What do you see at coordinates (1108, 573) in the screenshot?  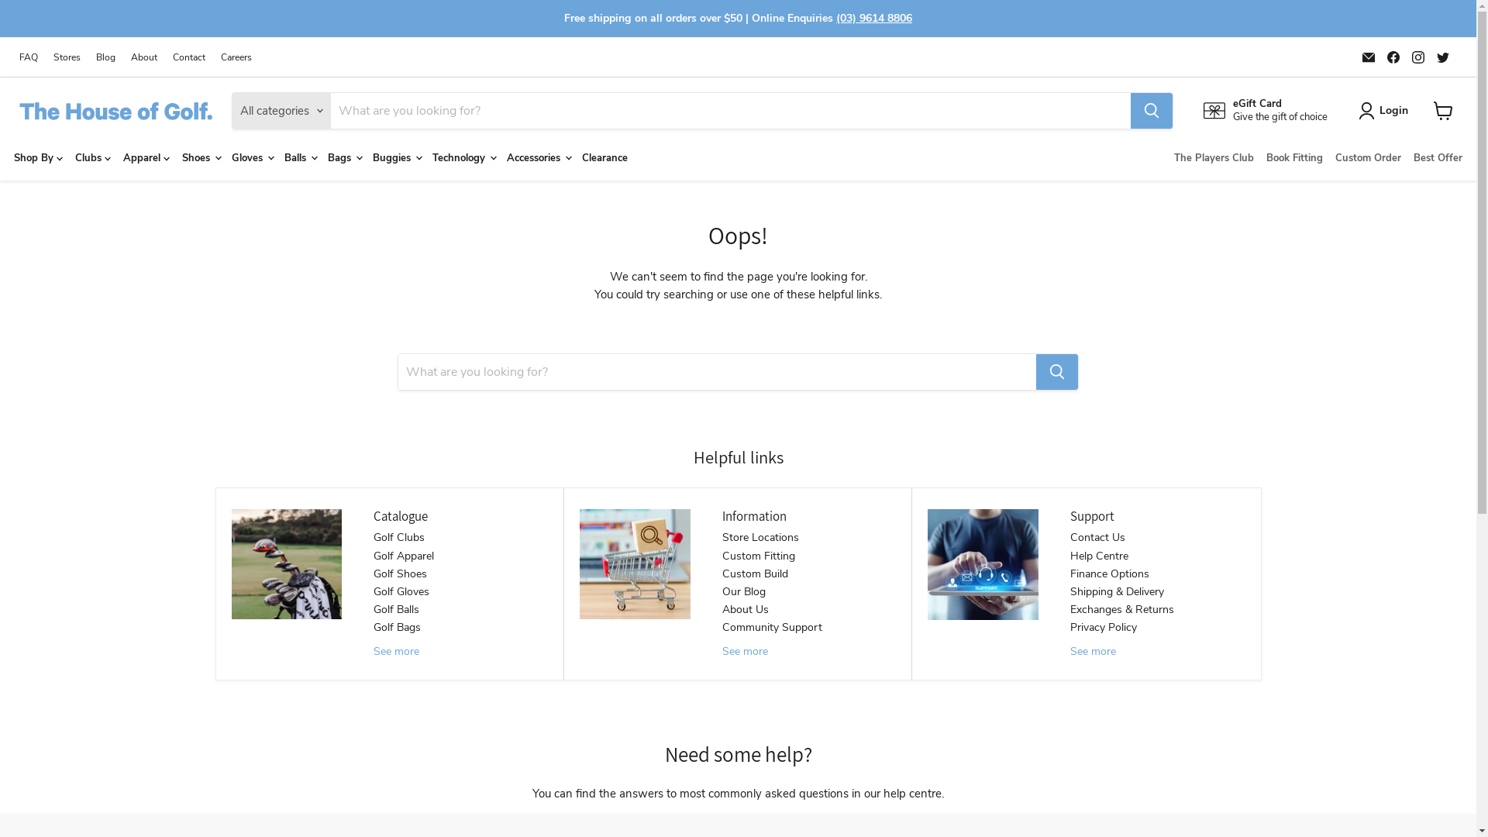 I see `'Finance Options'` at bounding box center [1108, 573].